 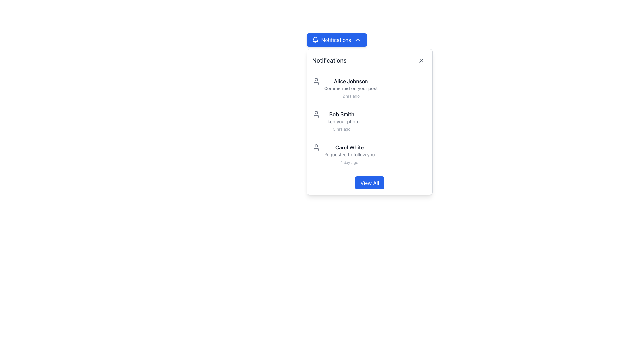 I want to click on the first notification in the dropdown that indicates Alice Johnson commented on the user's post two hours ago, so click(x=369, y=88).